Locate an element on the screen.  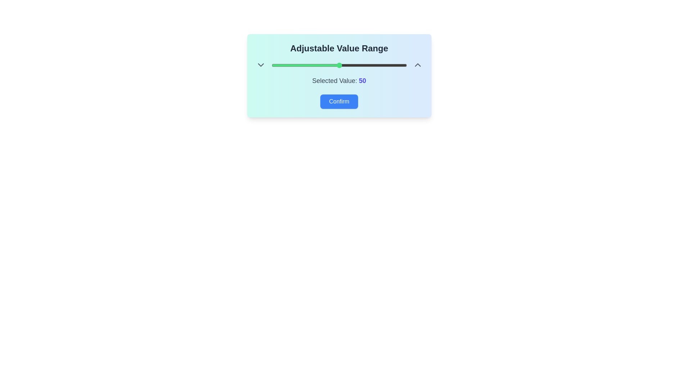
the slider to set the value to 80 is located at coordinates (379, 65).